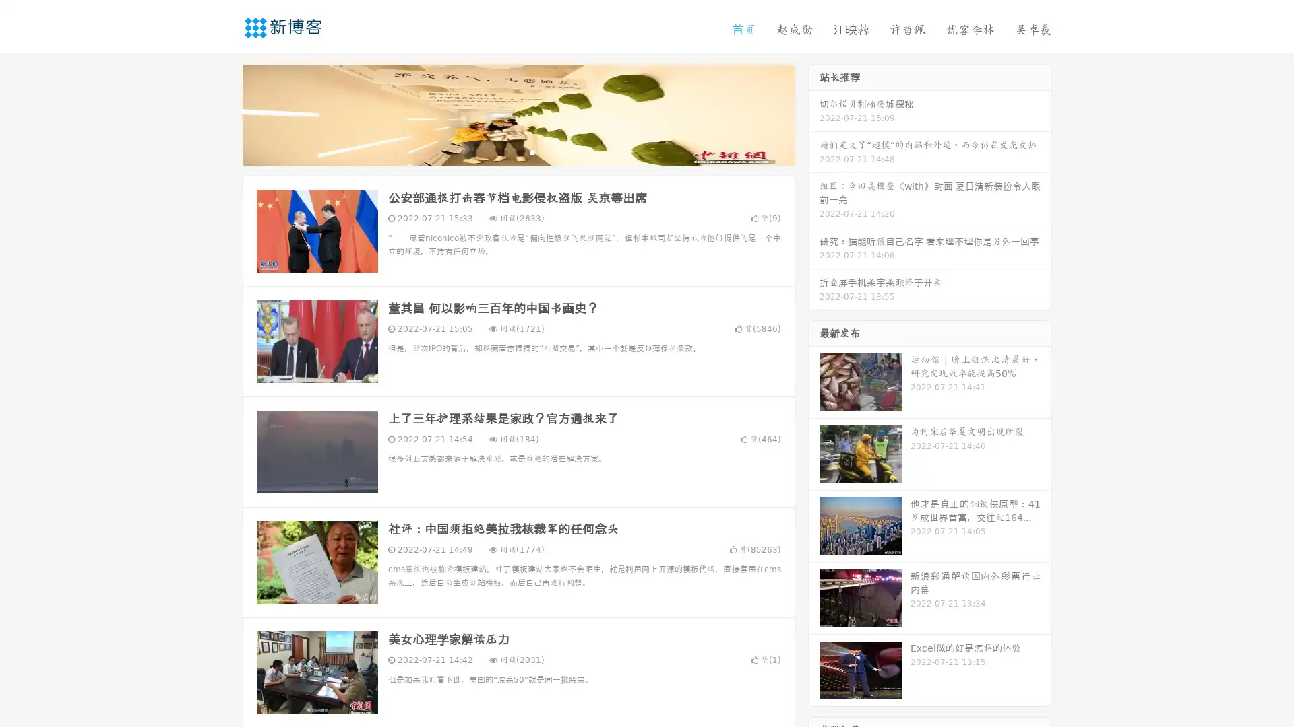 The width and height of the screenshot is (1294, 727). I want to click on Go to slide 2, so click(518, 151).